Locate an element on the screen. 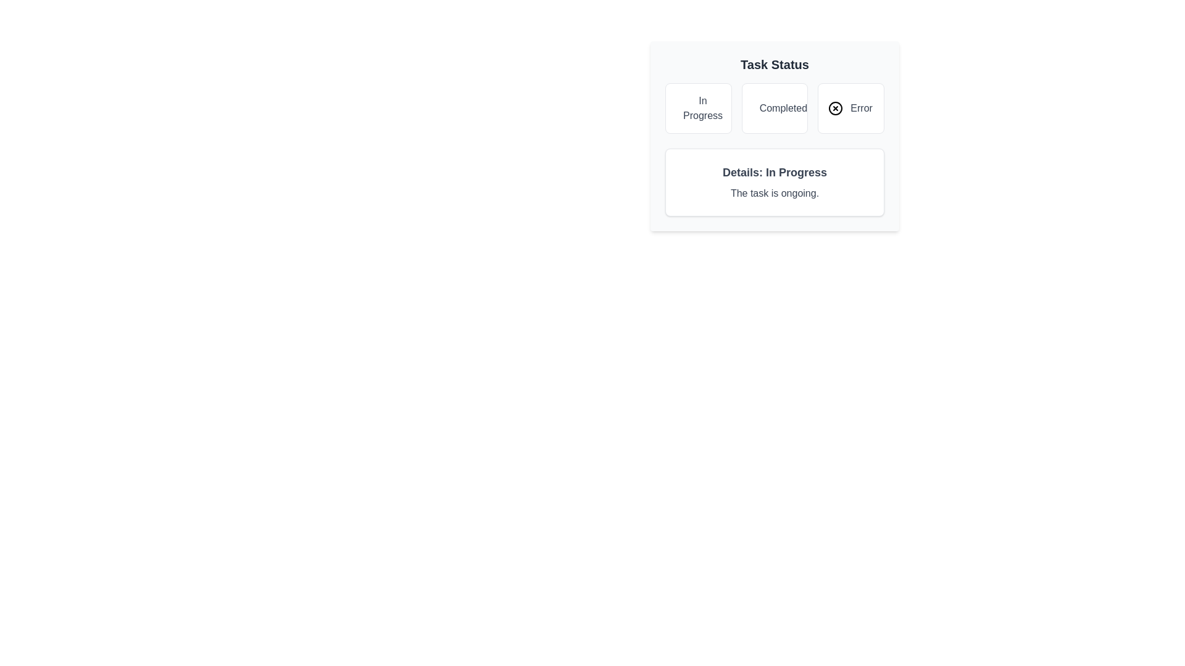  the 'Completed' status option button, which is the second item in a grid layout under the 'Task Status' heading is located at coordinates (774, 108).